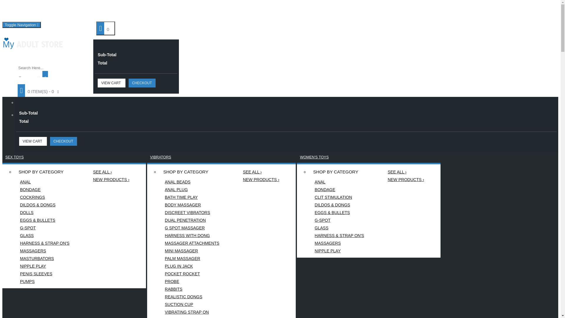 Image resolution: width=565 pixels, height=318 pixels. What do you see at coordinates (192, 220) in the screenshot?
I see `'DUAL PENETRATION'` at bounding box center [192, 220].